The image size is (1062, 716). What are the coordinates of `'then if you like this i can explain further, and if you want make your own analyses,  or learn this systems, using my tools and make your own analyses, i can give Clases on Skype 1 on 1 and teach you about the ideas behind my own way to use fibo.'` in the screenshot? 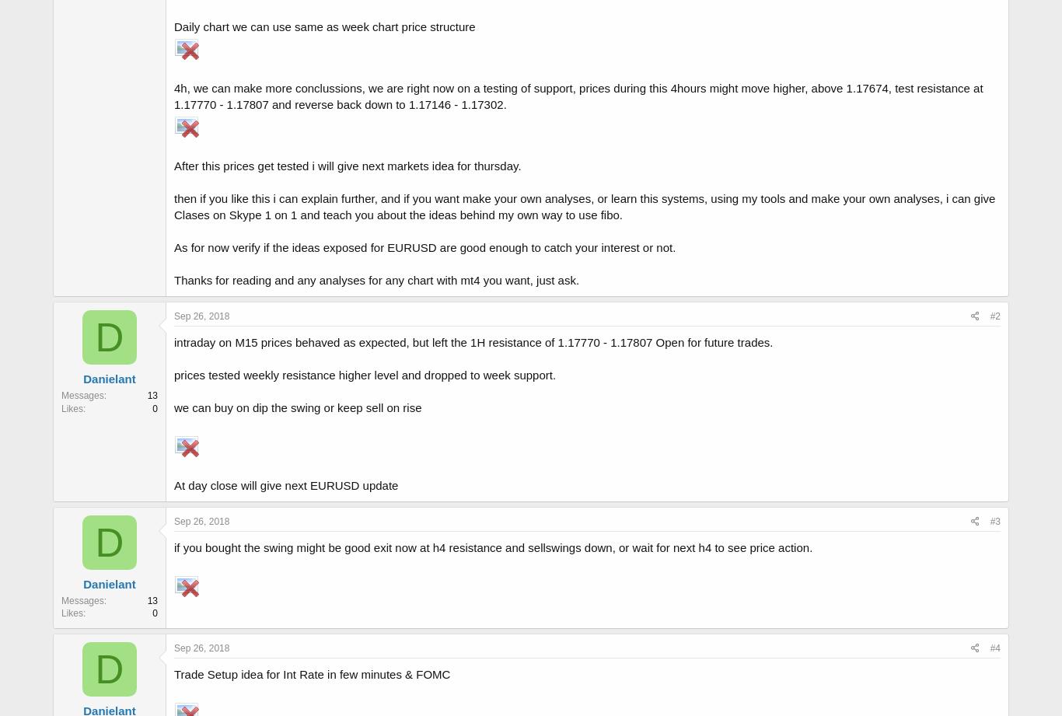 It's located at (584, 205).